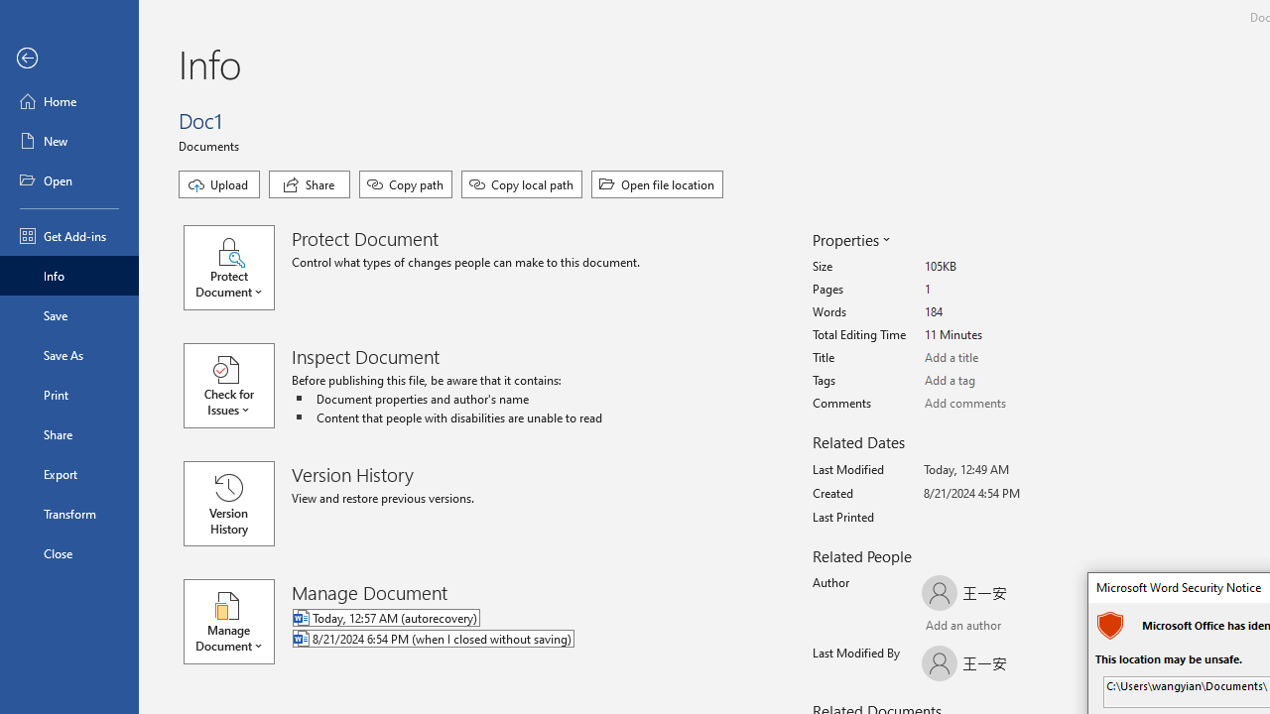 This screenshot has height=714, width=1270. What do you see at coordinates (229, 502) in the screenshot?
I see `'Version History'` at bounding box center [229, 502].